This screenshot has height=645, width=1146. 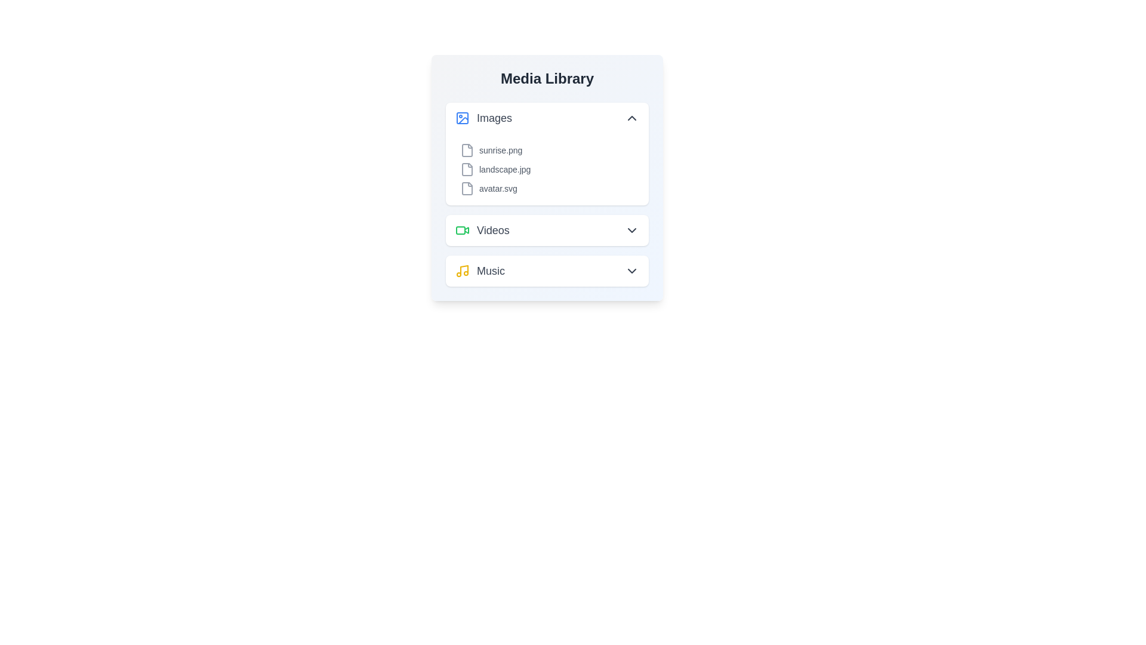 I want to click on the Chevron toggle icon located at the far-right of the 'Images' section header for keyboard navigation, so click(x=631, y=118).